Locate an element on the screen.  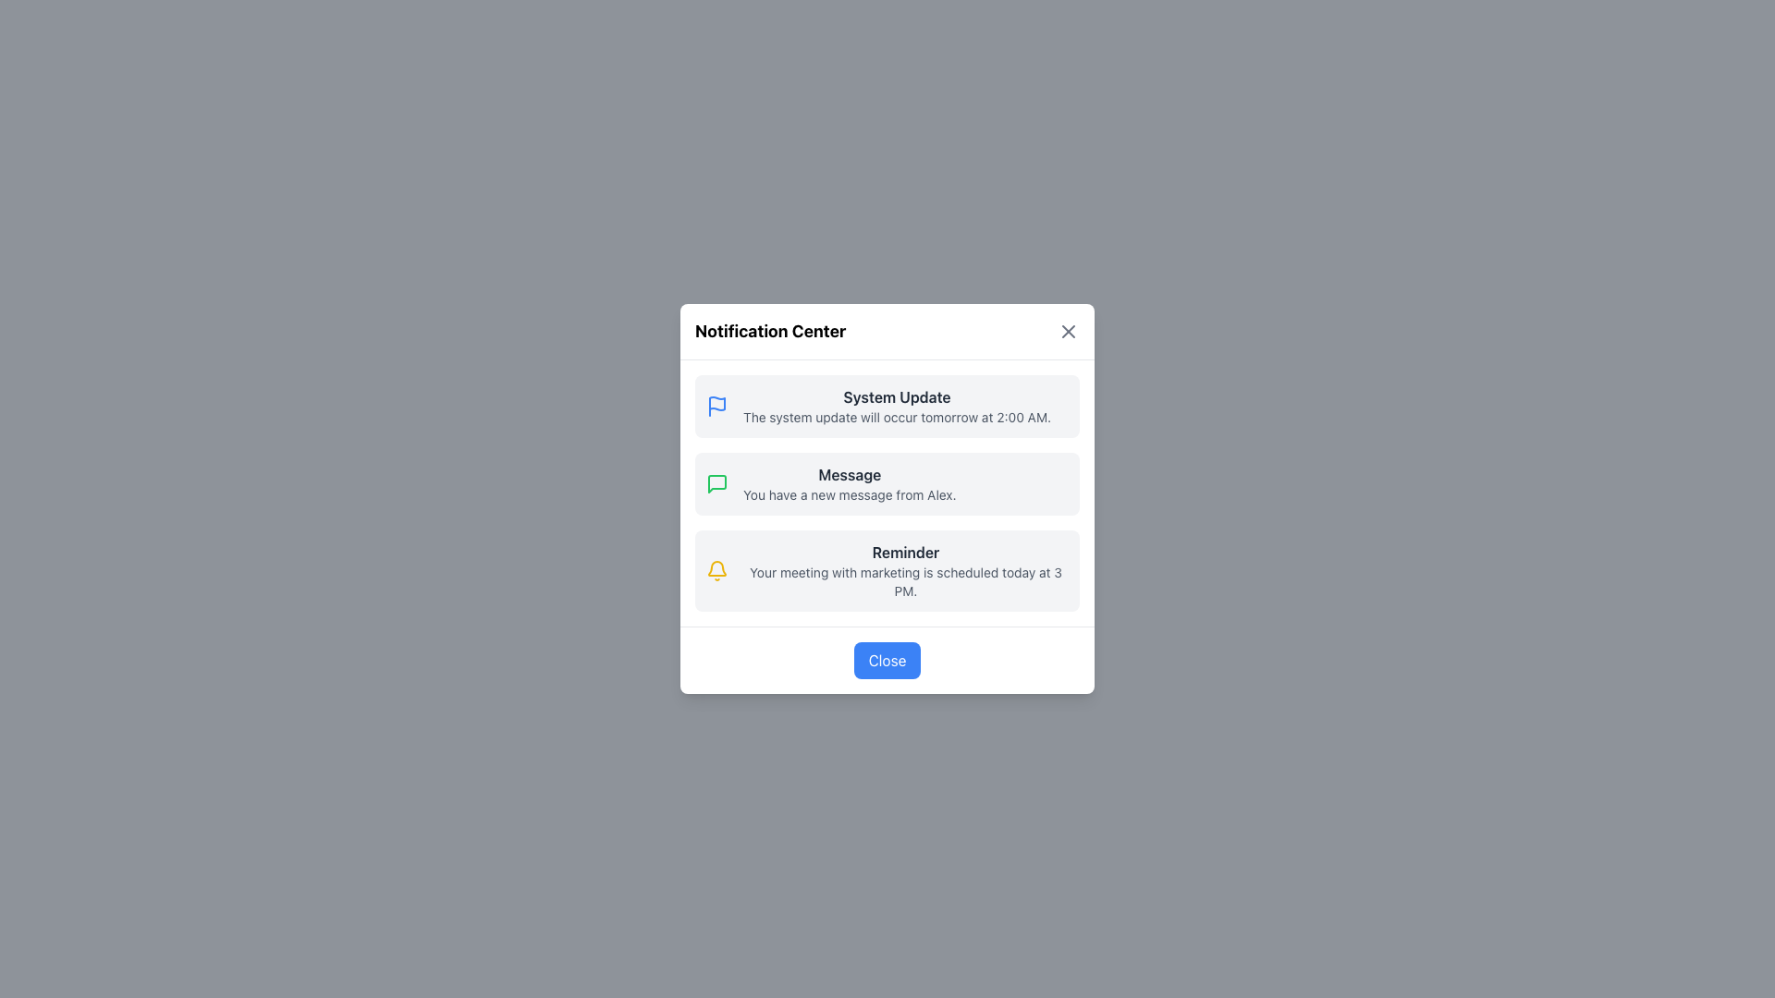
the text block containing the message 'The system update will occur tomorrow at 2:00 AM.' located under the 'System Update' heading in the Notification Center to possibly reveal additional information is located at coordinates (897, 417).